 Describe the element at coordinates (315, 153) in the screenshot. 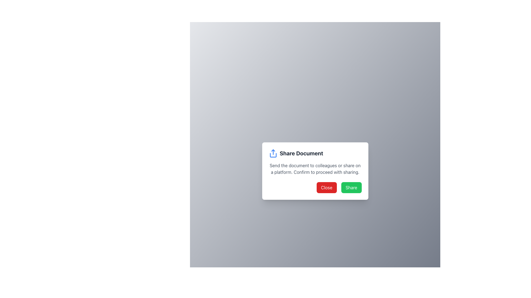

I see `the 'Share Document' header with the blue icon indicating sharing, located at the top of the modal dialog box` at that location.